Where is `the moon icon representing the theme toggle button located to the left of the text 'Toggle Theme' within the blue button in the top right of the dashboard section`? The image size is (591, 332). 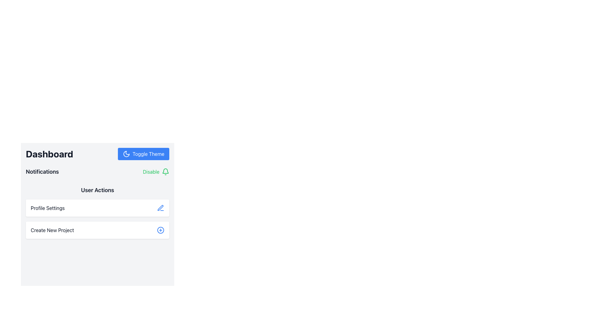
the moon icon representing the theme toggle button located to the left of the text 'Toggle Theme' within the blue button in the top right of the dashboard section is located at coordinates (126, 154).